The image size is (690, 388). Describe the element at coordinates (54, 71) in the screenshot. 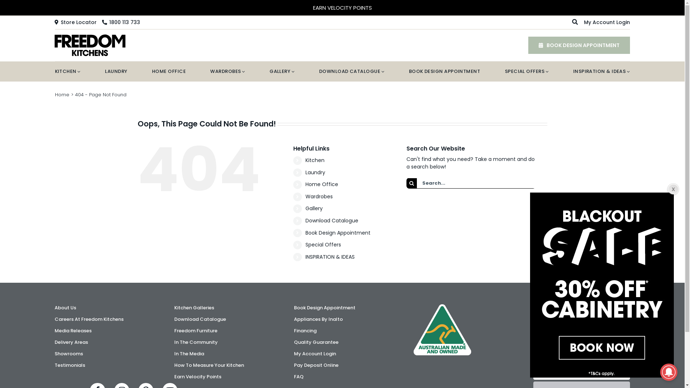

I see `'KITCHEN'` at that location.